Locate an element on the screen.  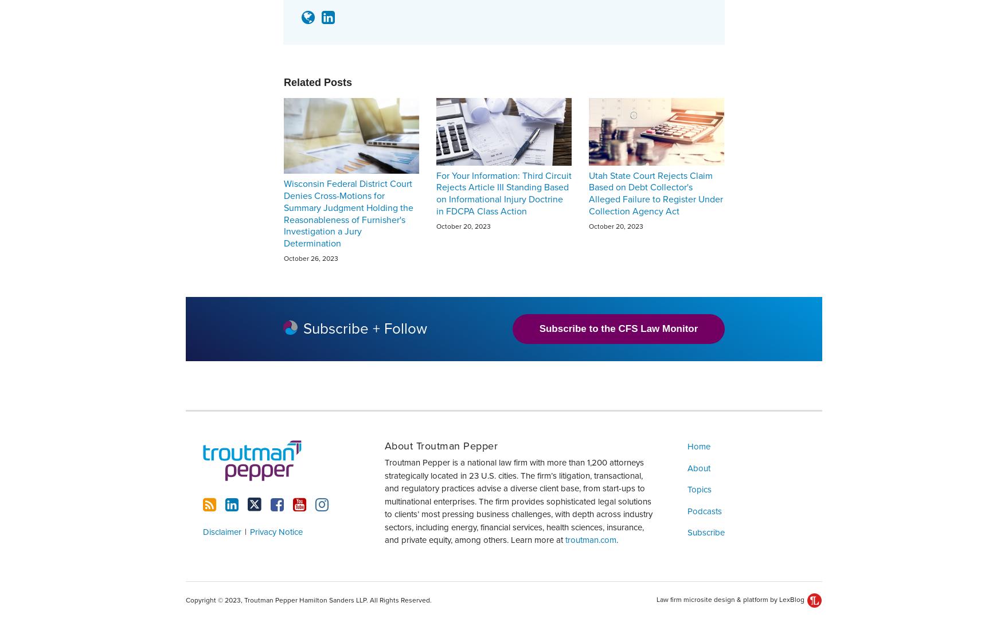
'Topics' is located at coordinates (687, 488).